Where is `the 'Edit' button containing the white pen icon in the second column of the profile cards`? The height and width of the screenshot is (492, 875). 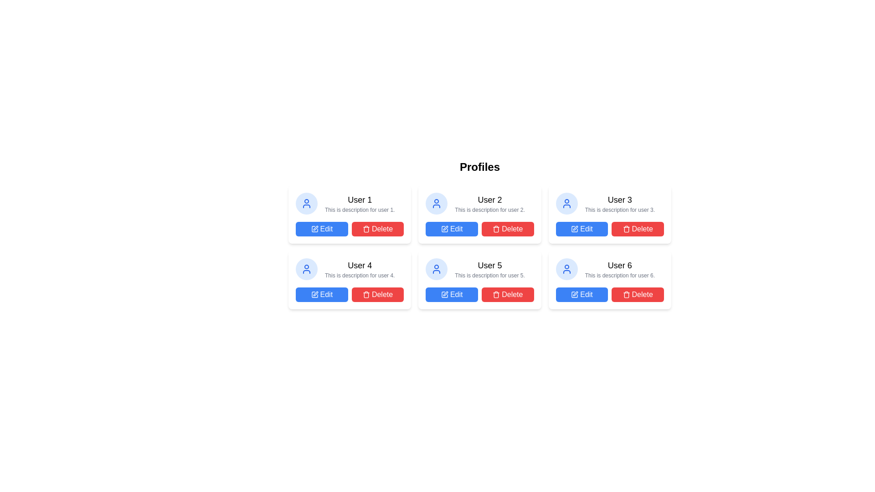 the 'Edit' button containing the white pen icon in the second column of the profile cards is located at coordinates (314, 228).